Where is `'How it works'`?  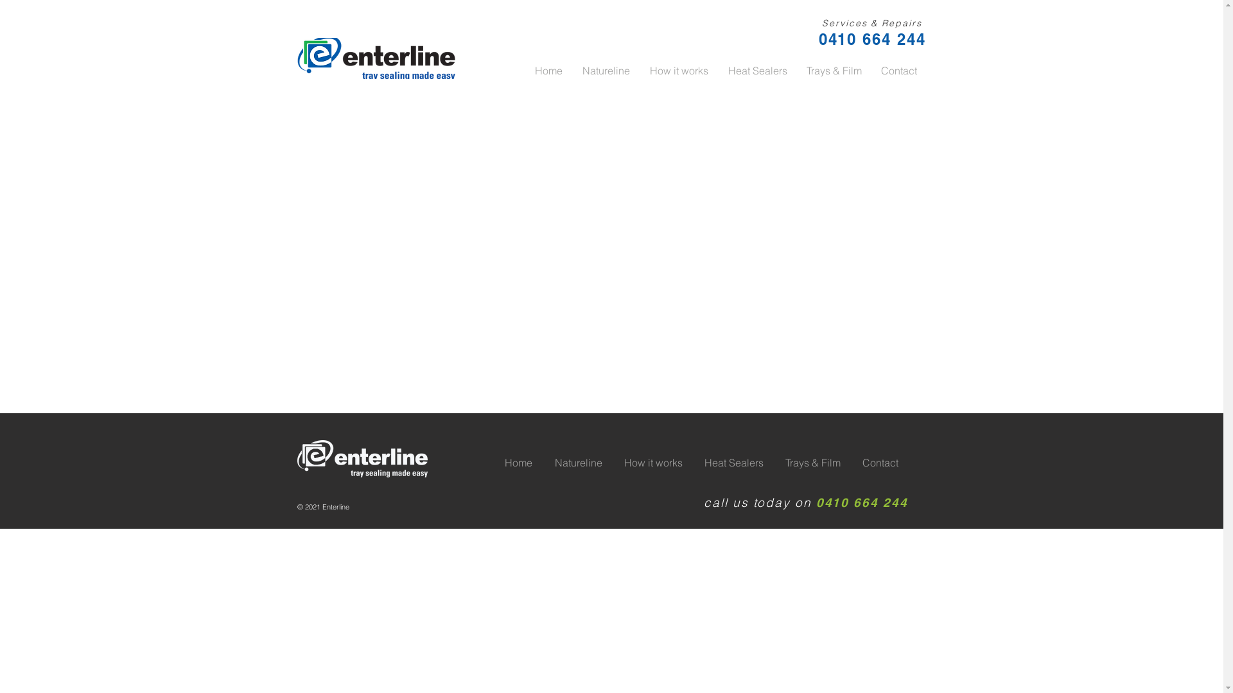 'How it works' is located at coordinates (678, 71).